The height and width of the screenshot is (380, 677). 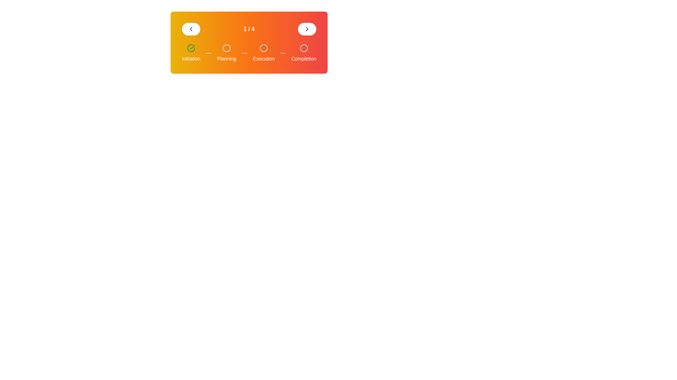 I want to click on the 'Initiation' text label located on the leftmost part of the horizontal navigation bar, so click(x=191, y=58).